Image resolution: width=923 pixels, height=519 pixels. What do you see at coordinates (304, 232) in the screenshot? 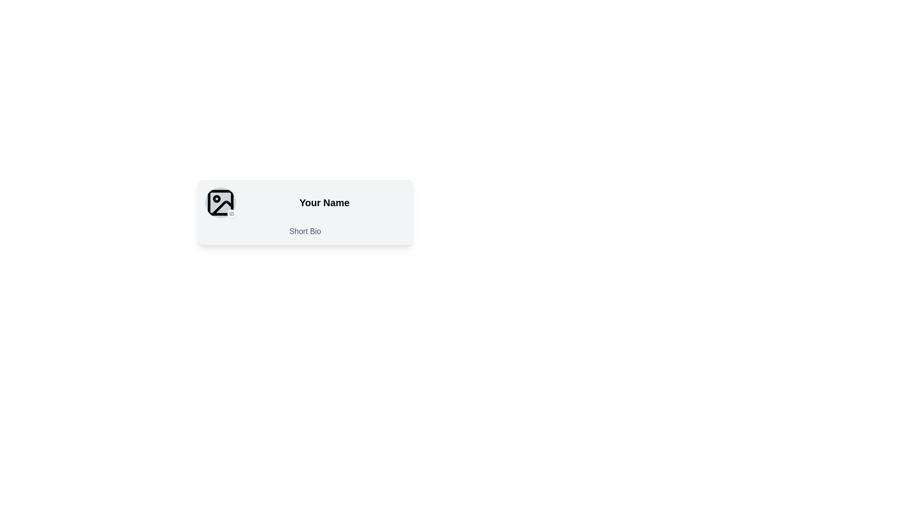
I see `the Text Label that serves as a title for the biography section, located below the 'Your Name' text` at bounding box center [304, 232].